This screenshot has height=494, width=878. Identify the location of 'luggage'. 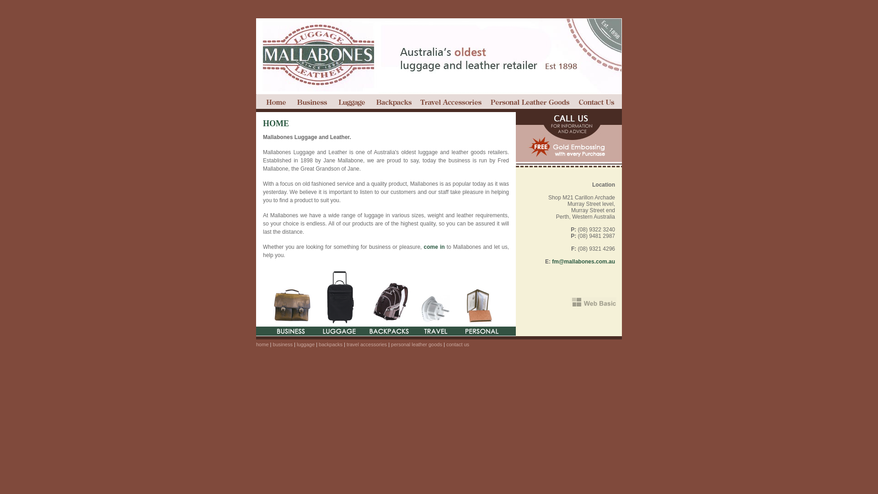
(305, 344).